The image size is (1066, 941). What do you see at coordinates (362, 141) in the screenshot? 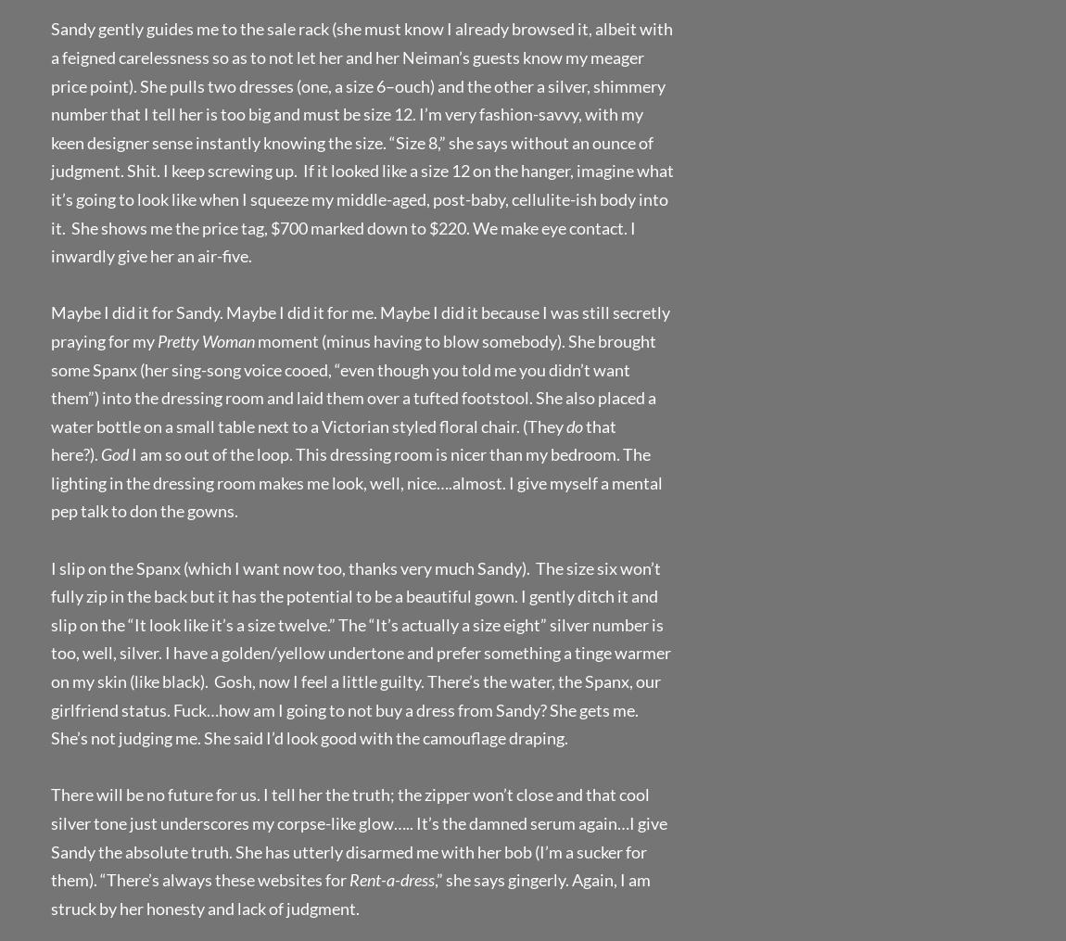
I see `'Sandy gently guides me to the sale rack (she must know I already browsed it, albeit with a feigned carelessness so as to not let her and her Neiman’s guests know my meager price point). She pulls two dresses (one, a size 6–ouch) and the other a silver, shimmery number that I tell her is too big and must be size 12. I’m very fashion-savvy, with my keen designer sense instantly knowing the size. “Size 8,” she says without an ounce of judgment. Shit. I keep screwing up.  If it looked like a size 12 on the hanger, imagine what it’s going to look like when I squeeze my middle-aged, post-baby, cellulite-ish body into it.  She shows me the price tag, $700 marked down to $220. We make eye contact. I inwardly give her an air-five.'` at bounding box center [362, 141].